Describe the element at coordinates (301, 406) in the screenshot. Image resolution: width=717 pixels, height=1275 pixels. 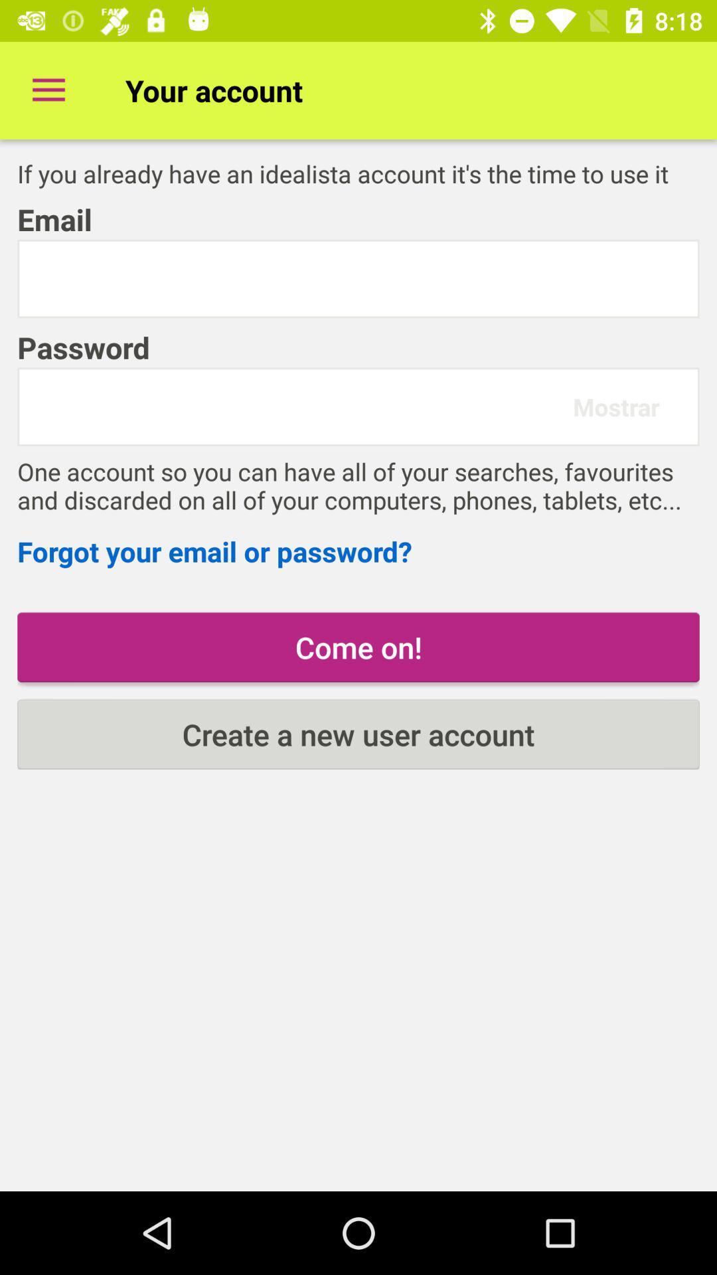
I see `item below the password item` at that location.